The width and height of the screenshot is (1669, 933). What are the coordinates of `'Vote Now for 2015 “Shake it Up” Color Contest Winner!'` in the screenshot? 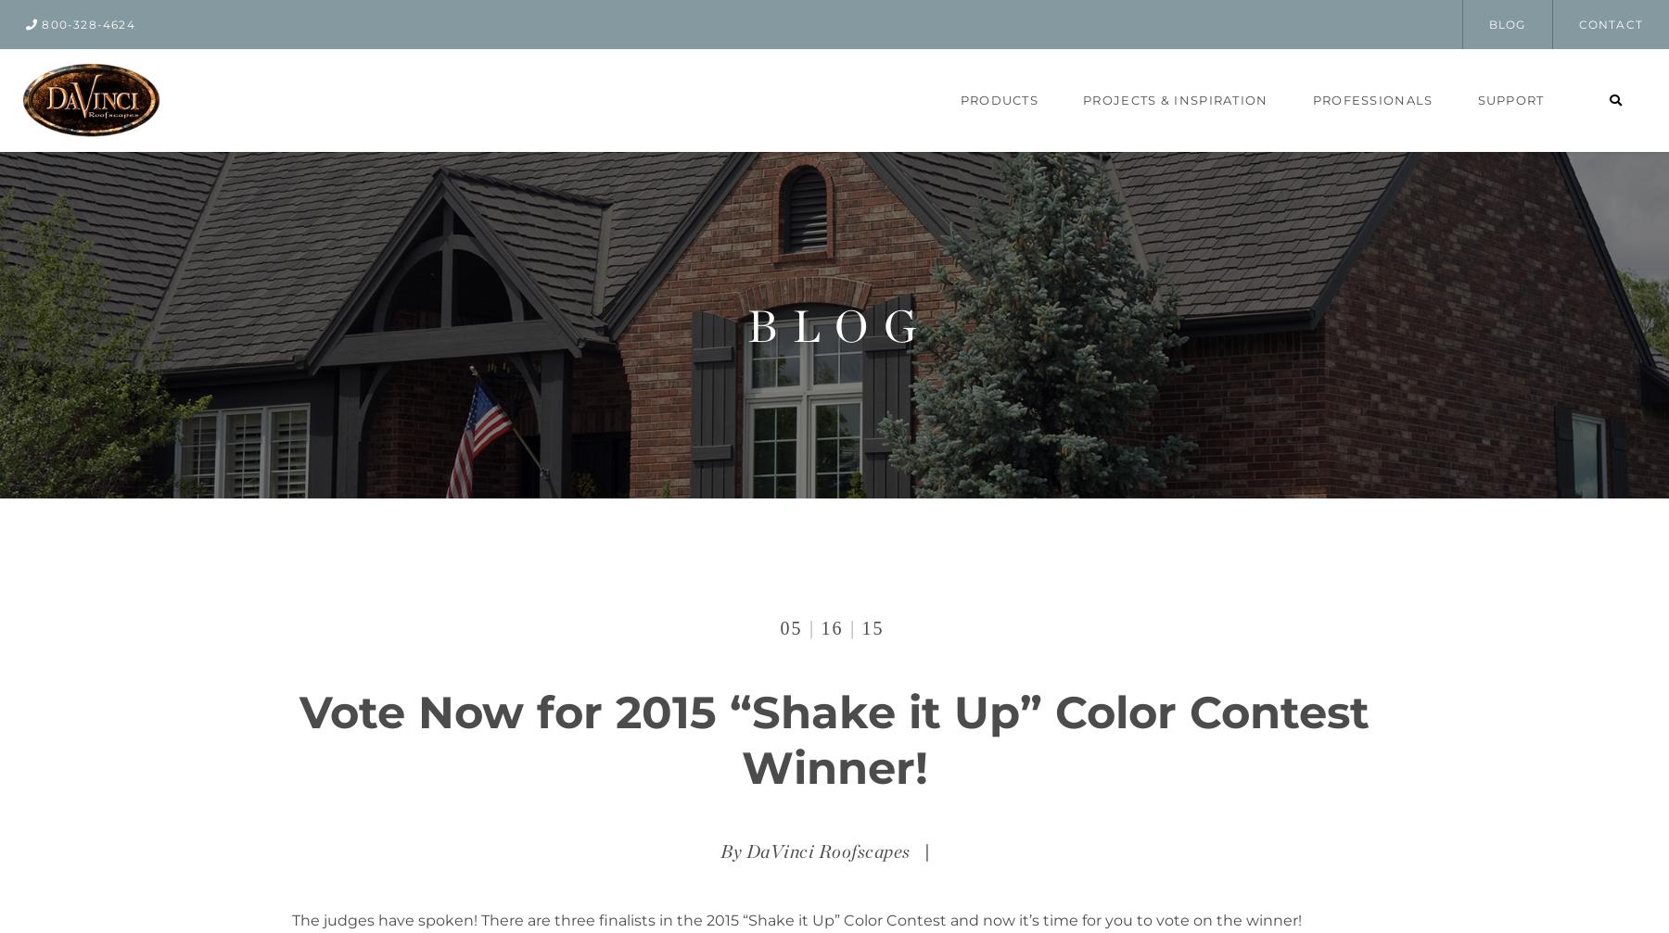 It's located at (834, 738).